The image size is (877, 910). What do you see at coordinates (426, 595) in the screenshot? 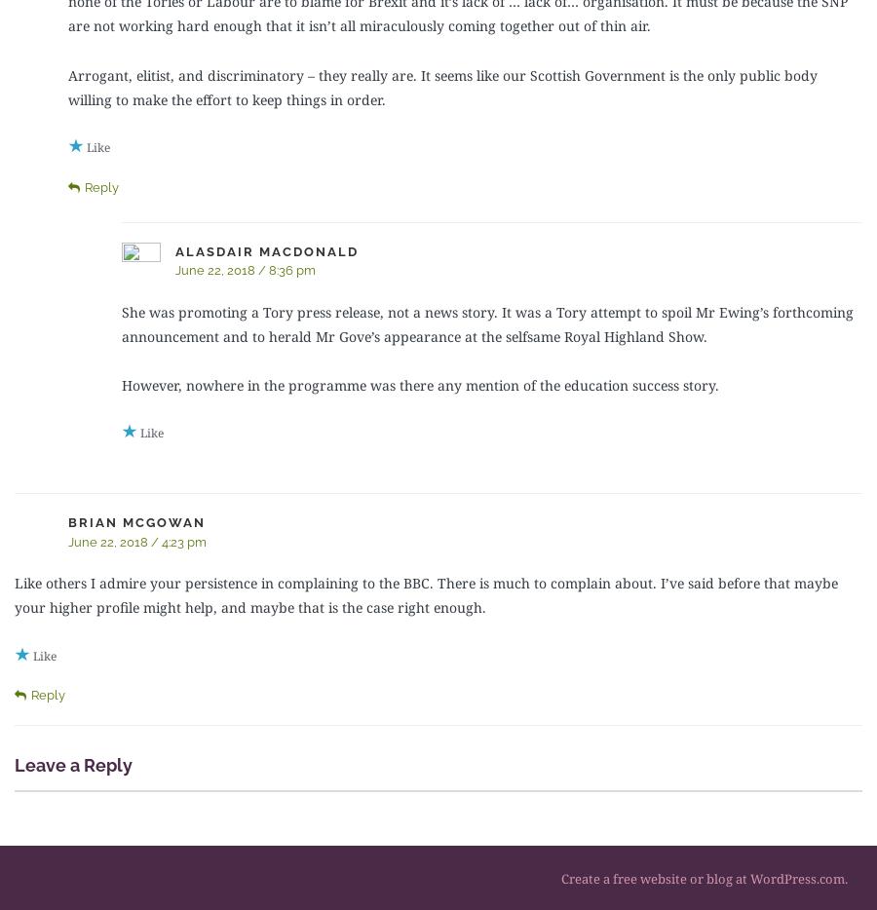
I see `'Like others I admire your persistence in complaining to the BBC. There is much to complain about. I’ve said before that maybe your higher profile might help, and maybe that is the case right enough.'` at bounding box center [426, 595].